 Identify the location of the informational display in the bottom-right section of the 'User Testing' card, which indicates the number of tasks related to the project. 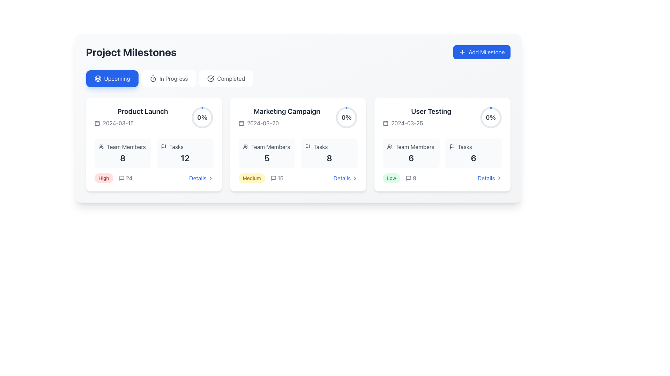
(474, 152).